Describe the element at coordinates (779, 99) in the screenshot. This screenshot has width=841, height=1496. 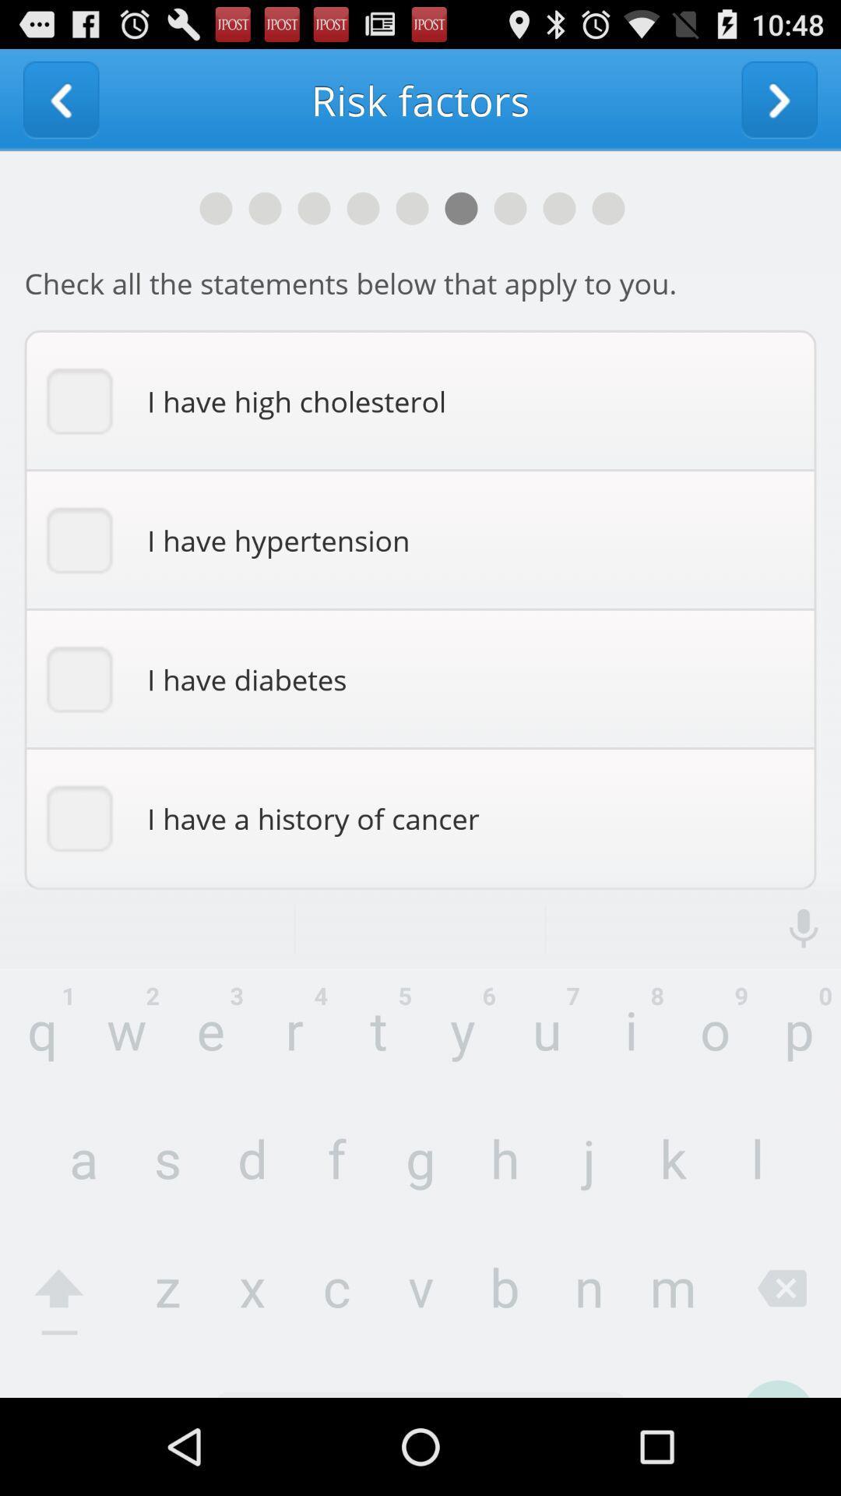
I see `go forward` at that location.